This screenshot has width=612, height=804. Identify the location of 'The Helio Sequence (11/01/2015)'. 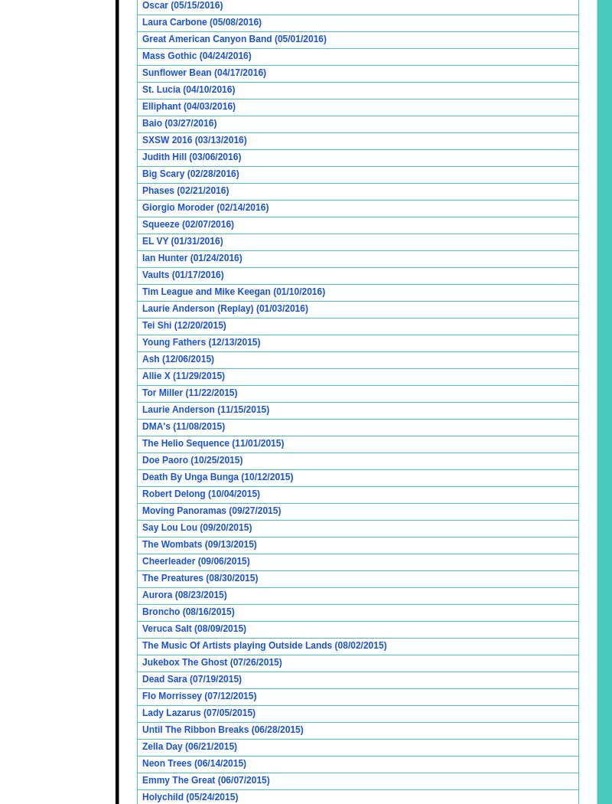
(142, 442).